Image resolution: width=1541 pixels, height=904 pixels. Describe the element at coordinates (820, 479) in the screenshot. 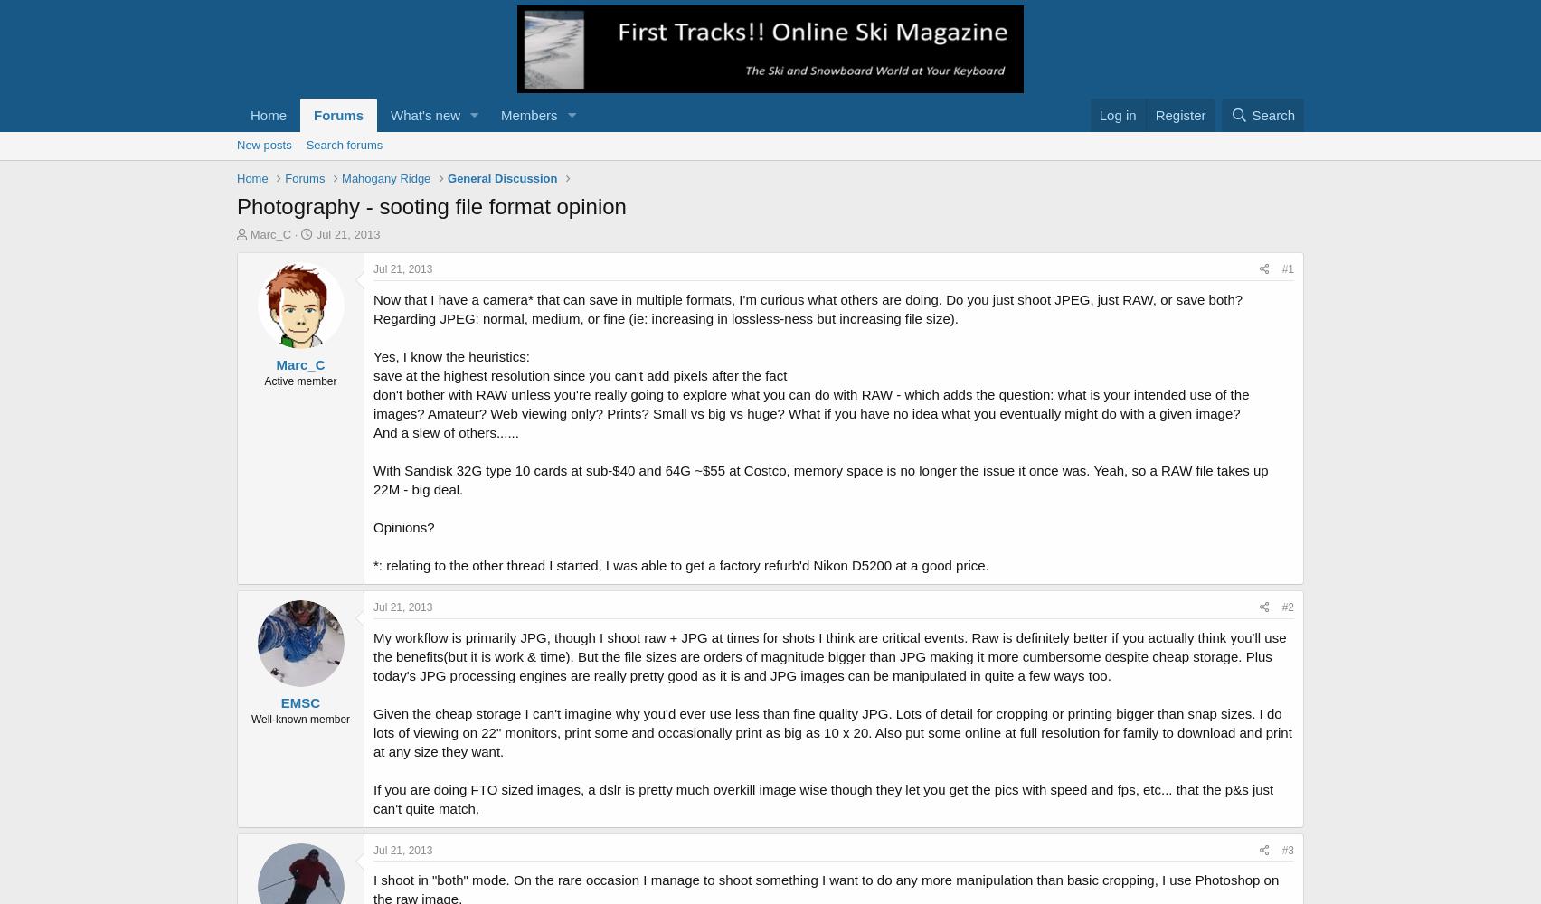

I see `'With Sandisk 32G type 10 cards at sub-$40 and 64G ~$55 at Costco, memory space is no longer the issue it once was. Yeah, so a RAW file takes up 22M - big deal.'` at that location.